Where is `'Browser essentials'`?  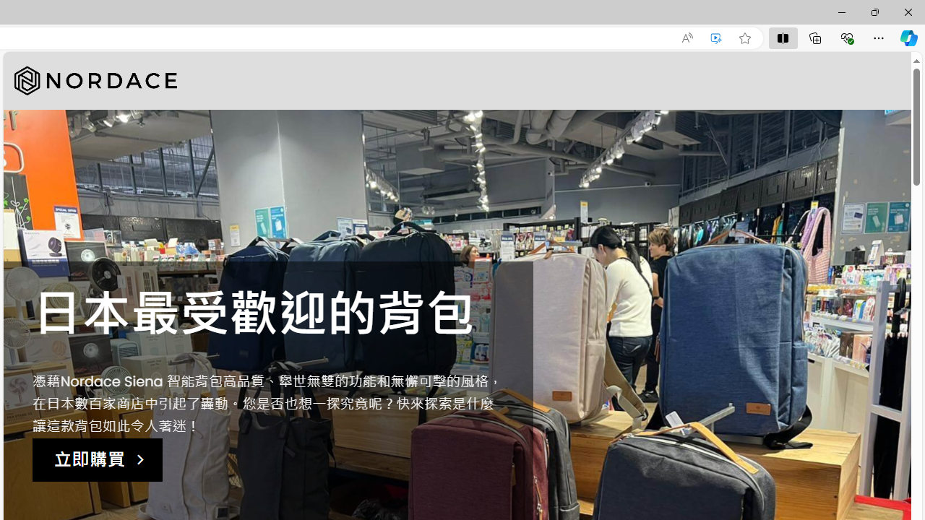 'Browser essentials' is located at coordinates (846, 37).